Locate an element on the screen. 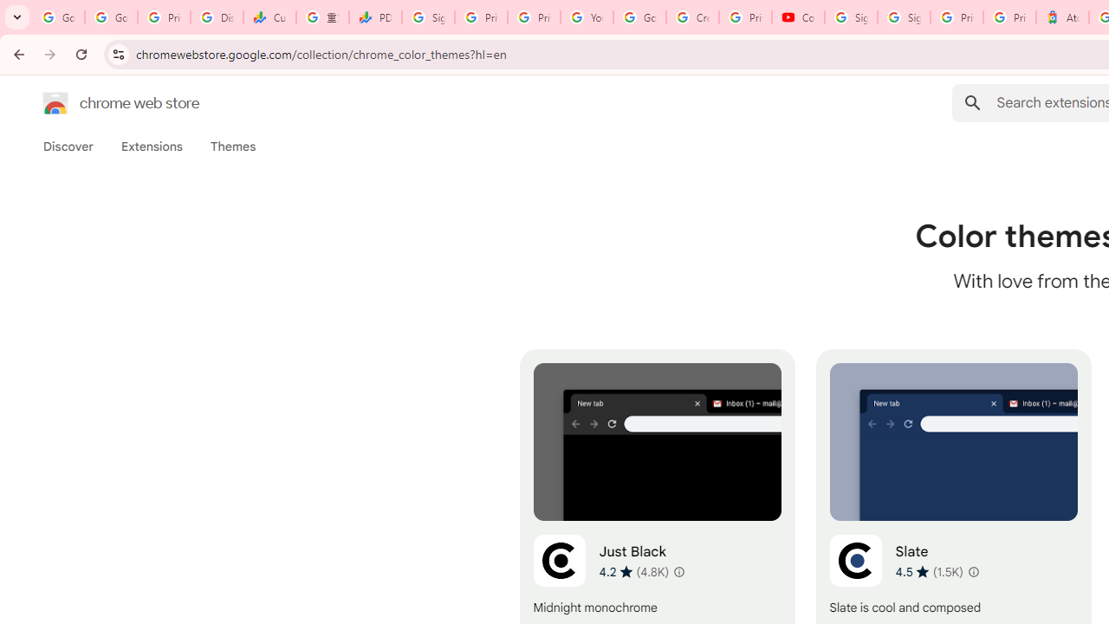  'PDD Holdings Inc - ADR (PDD) Price & News - Google Finance' is located at coordinates (374, 17).